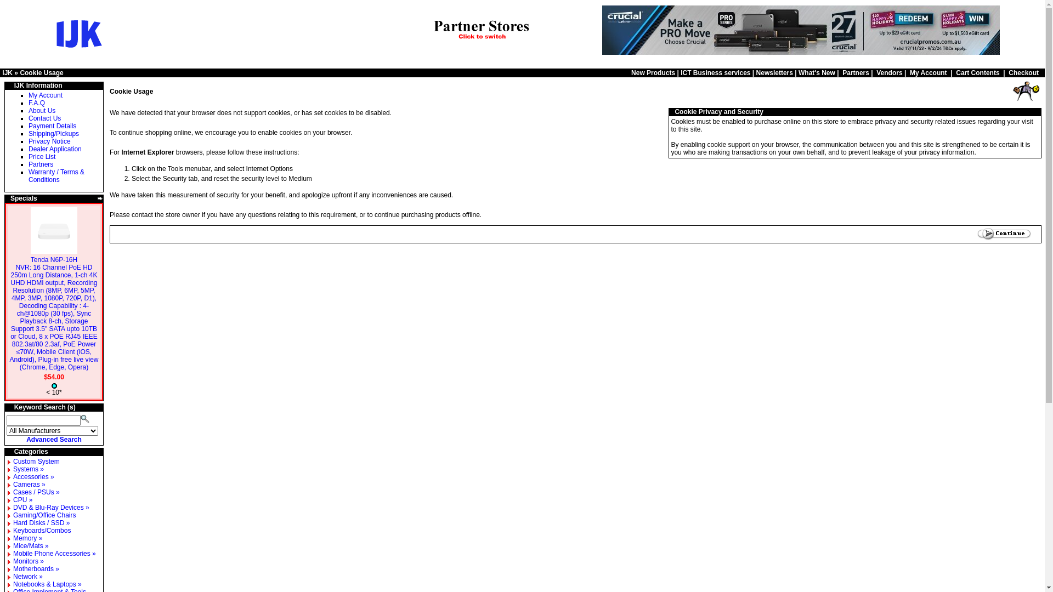 Image resolution: width=1053 pixels, height=592 pixels. What do you see at coordinates (54, 385) in the screenshot?
I see `' Medium stock level '` at bounding box center [54, 385].